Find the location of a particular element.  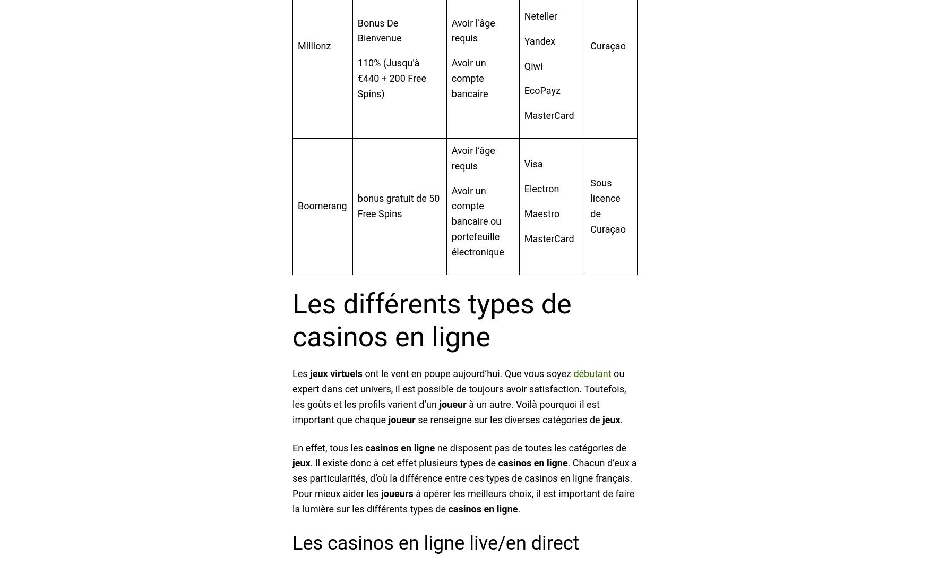

'. Il existe donc à cet effet plusieurs types de' is located at coordinates (404, 462).